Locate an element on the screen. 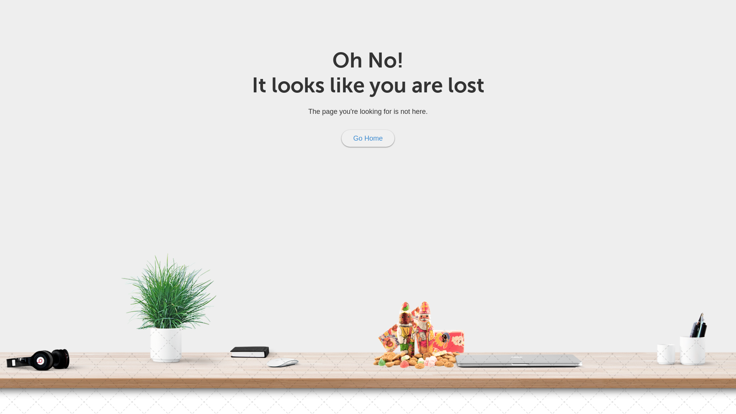  'Go Home' is located at coordinates (367, 138).